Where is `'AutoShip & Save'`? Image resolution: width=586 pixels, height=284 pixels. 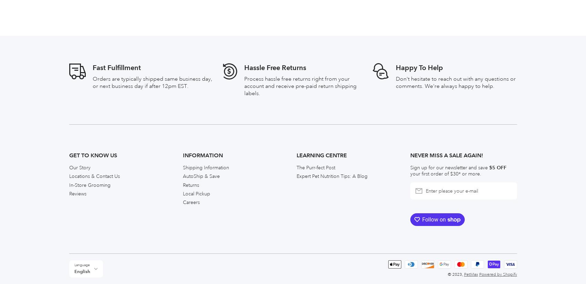
'AutoShip & Save' is located at coordinates (201, 21).